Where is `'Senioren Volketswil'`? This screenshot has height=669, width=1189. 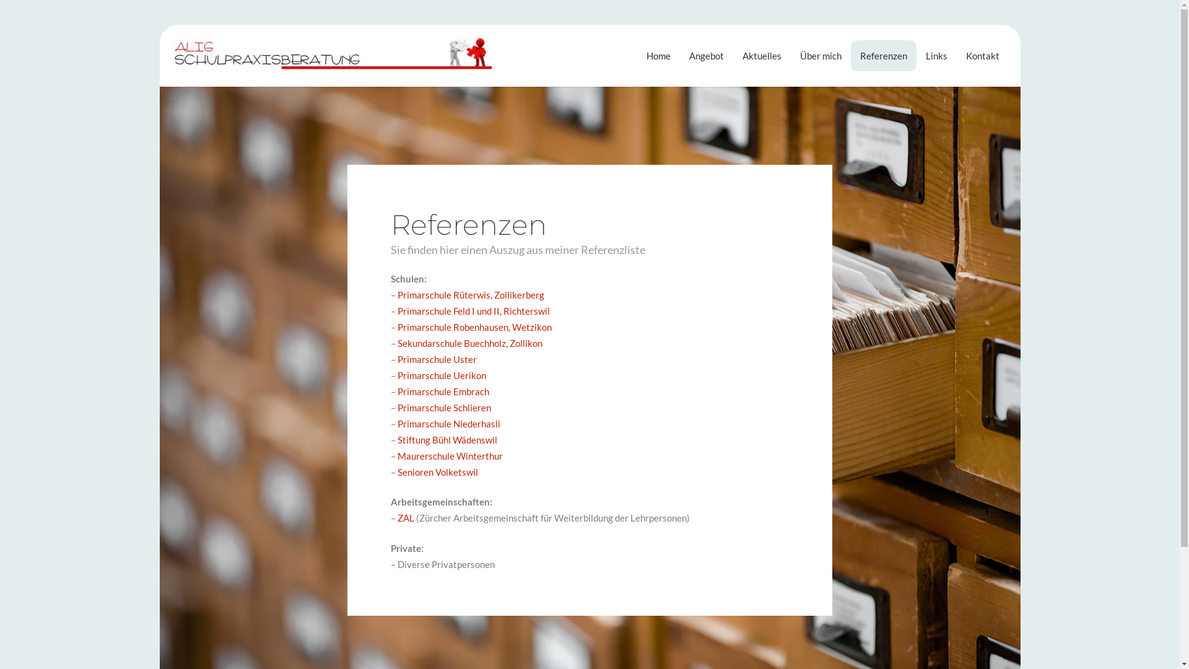
'Senioren Volketswil' is located at coordinates (437, 472).